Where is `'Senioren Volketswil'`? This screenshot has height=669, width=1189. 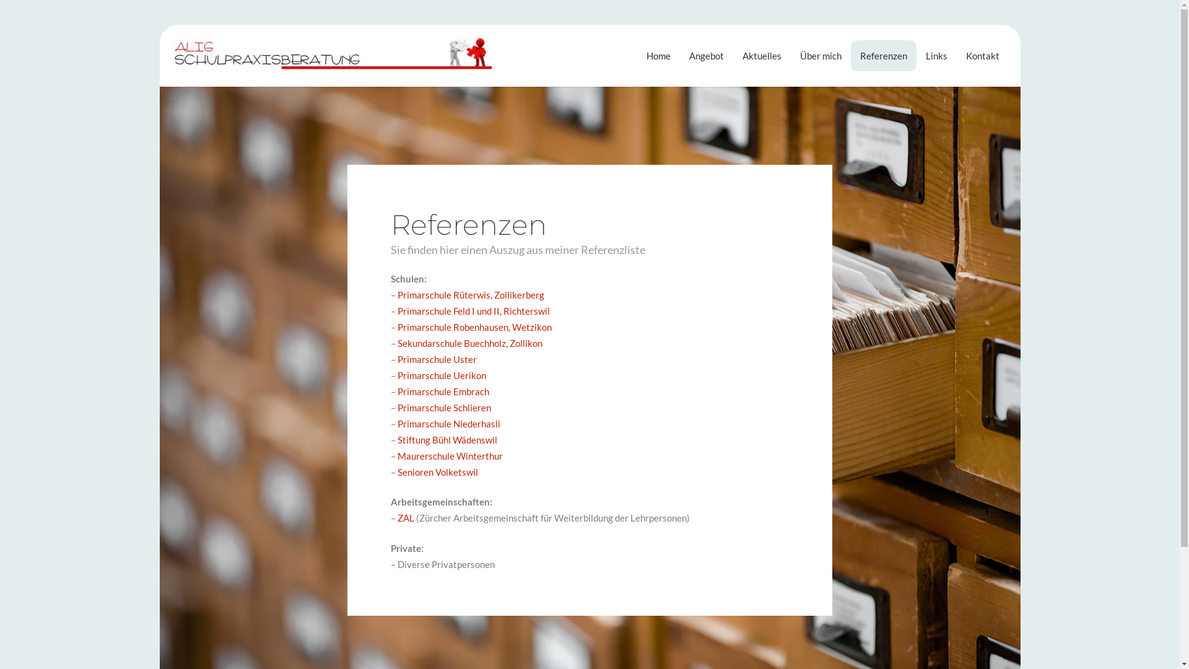
'Senioren Volketswil' is located at coordinates (437, 472).